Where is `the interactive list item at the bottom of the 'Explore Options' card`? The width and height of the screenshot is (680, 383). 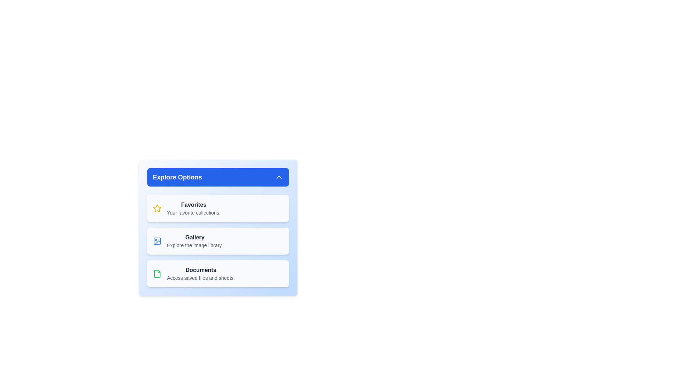 the interactive list item at the bottom of the 'Explore Options' card is located at coordinates (217, 273).